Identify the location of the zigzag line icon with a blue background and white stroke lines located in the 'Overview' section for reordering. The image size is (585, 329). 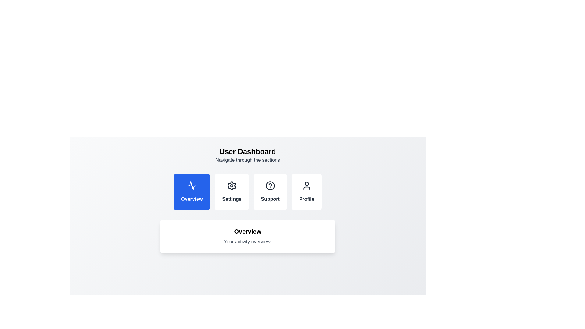
(191, 185).